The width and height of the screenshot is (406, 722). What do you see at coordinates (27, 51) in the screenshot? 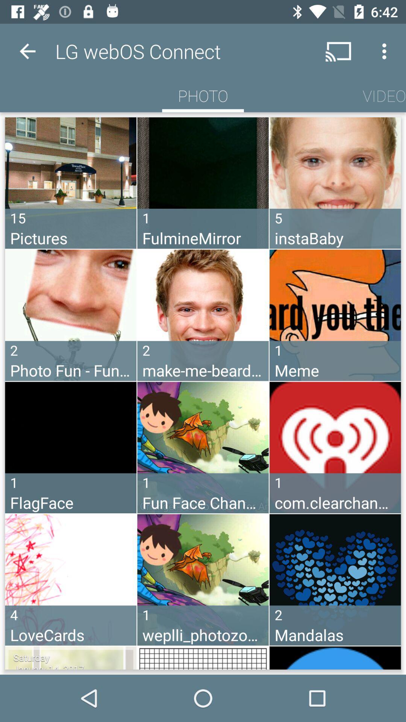
I see `the item to the left of the lg webos connect icon` at bounding box center [27, 51].